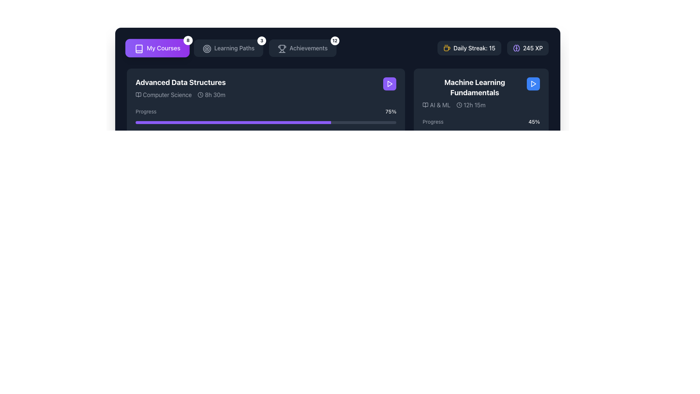 The height and width of the screenshot is (394, 700). What do you see at coordinates (138, 94) in the screenshot?
I see `the open book icon, which is styled with a light color outline on a dark background and is located to the left of the text 'Computer Science'` at bounding box center [138, 94].